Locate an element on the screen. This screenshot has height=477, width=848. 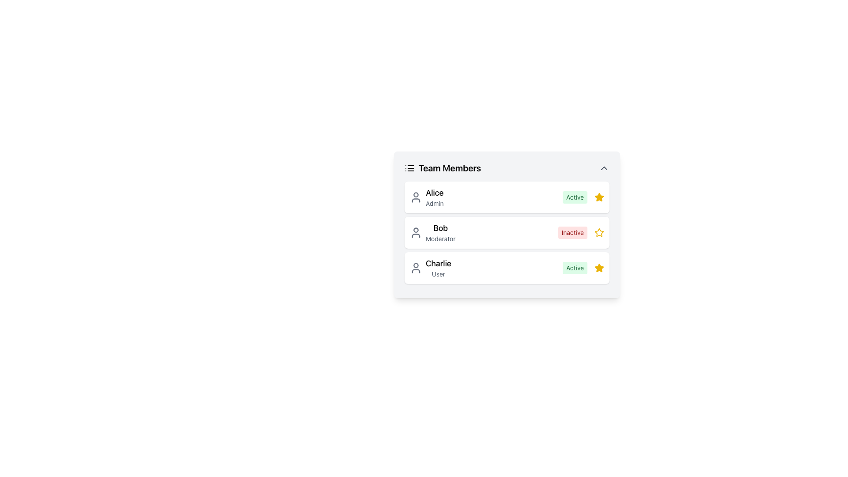
the circle representing the head of the user profile icon, which is outlined and located within the SVG graphic, positioned above the text label 'Bob' is located at coordinates (415, 229).